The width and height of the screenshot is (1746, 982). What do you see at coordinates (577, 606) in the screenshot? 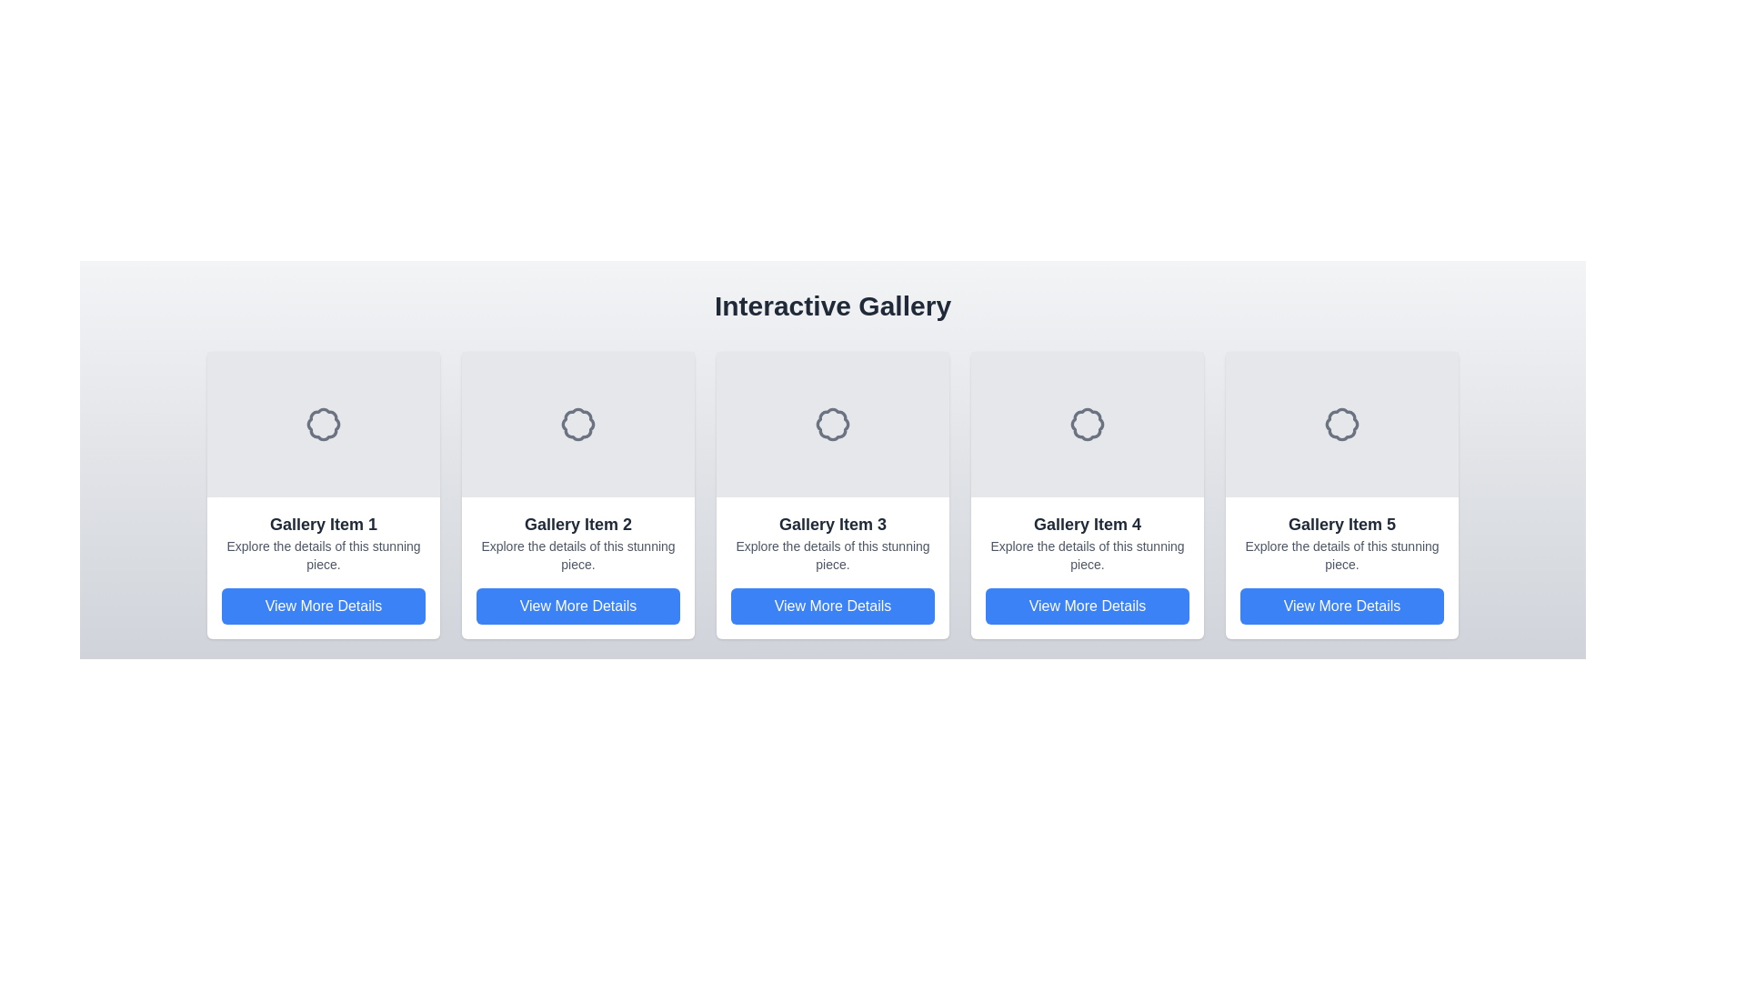
I see `the button located at the bottom center of the second item in the horizontal gallery layout` at bounding box center [577, 606].